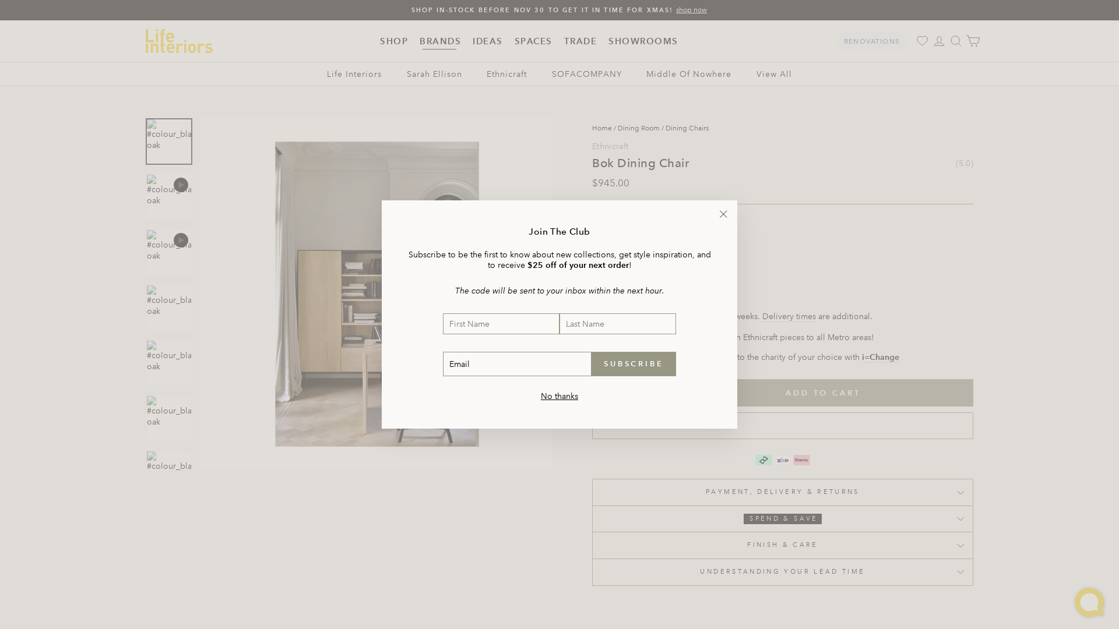 The image size is (1119, 629). Describe the element at coordinates (645, 74) in the screenshot. I see `'Middle Of Nowhere'` at that location.